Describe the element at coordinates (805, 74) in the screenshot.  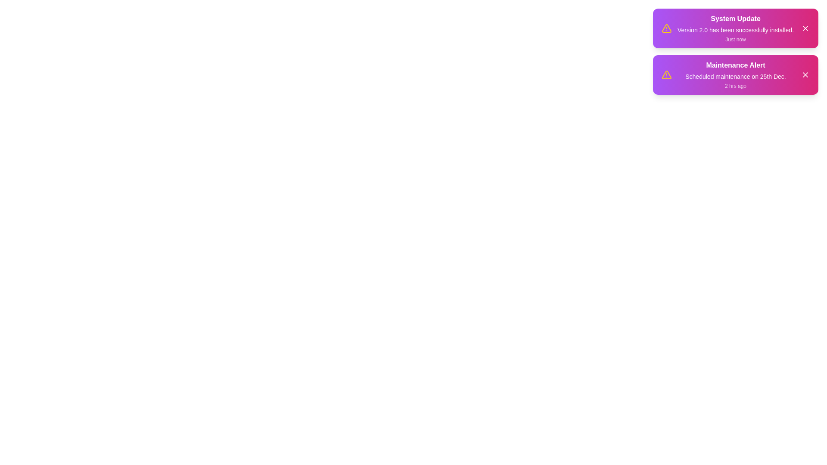
I see `close button of the notification with title Maintenance Alert` at that location.